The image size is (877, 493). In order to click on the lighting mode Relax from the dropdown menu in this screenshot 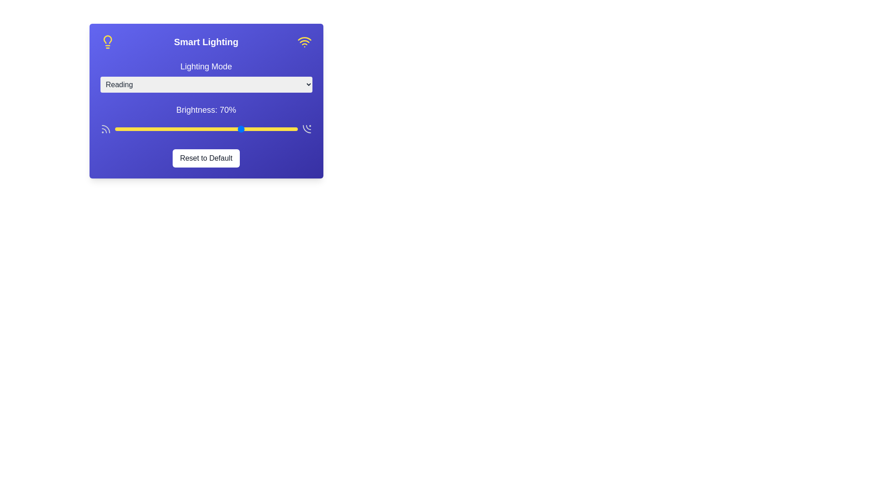, I will do `click(206, 84)`.